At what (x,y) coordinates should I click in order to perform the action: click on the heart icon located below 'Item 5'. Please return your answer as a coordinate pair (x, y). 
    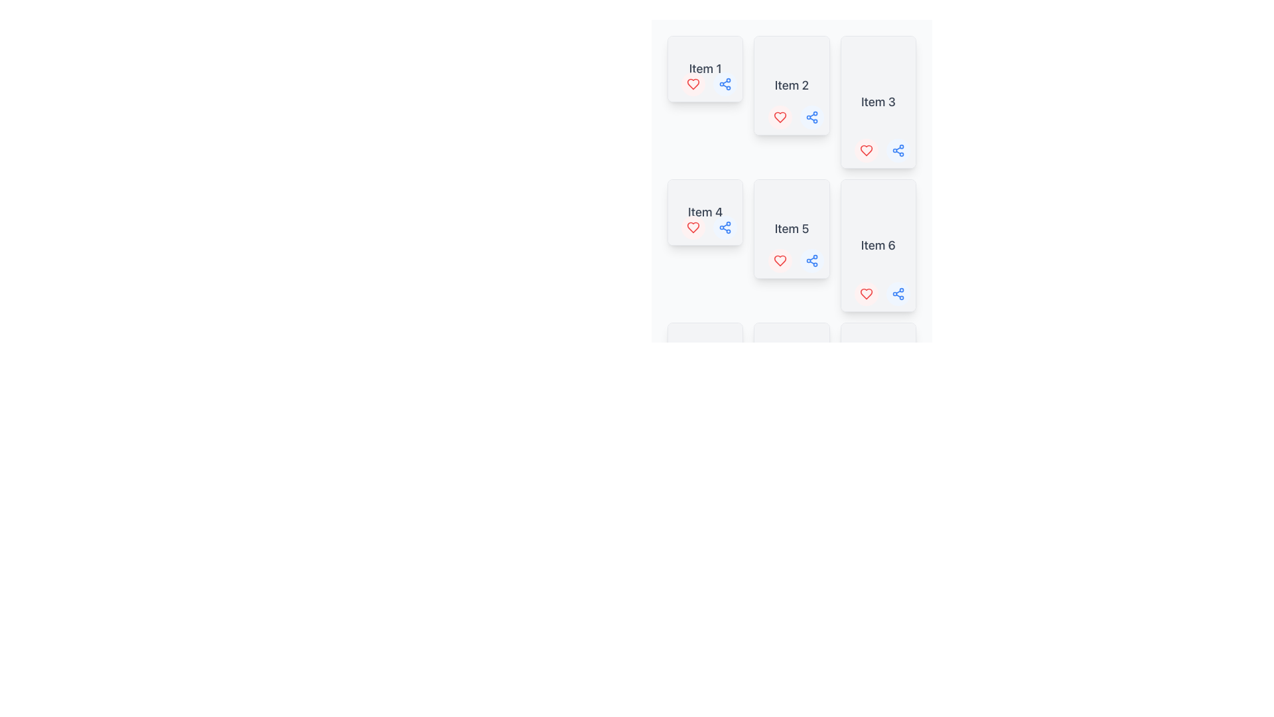
    Looking at the image, I should click on (780, 261).